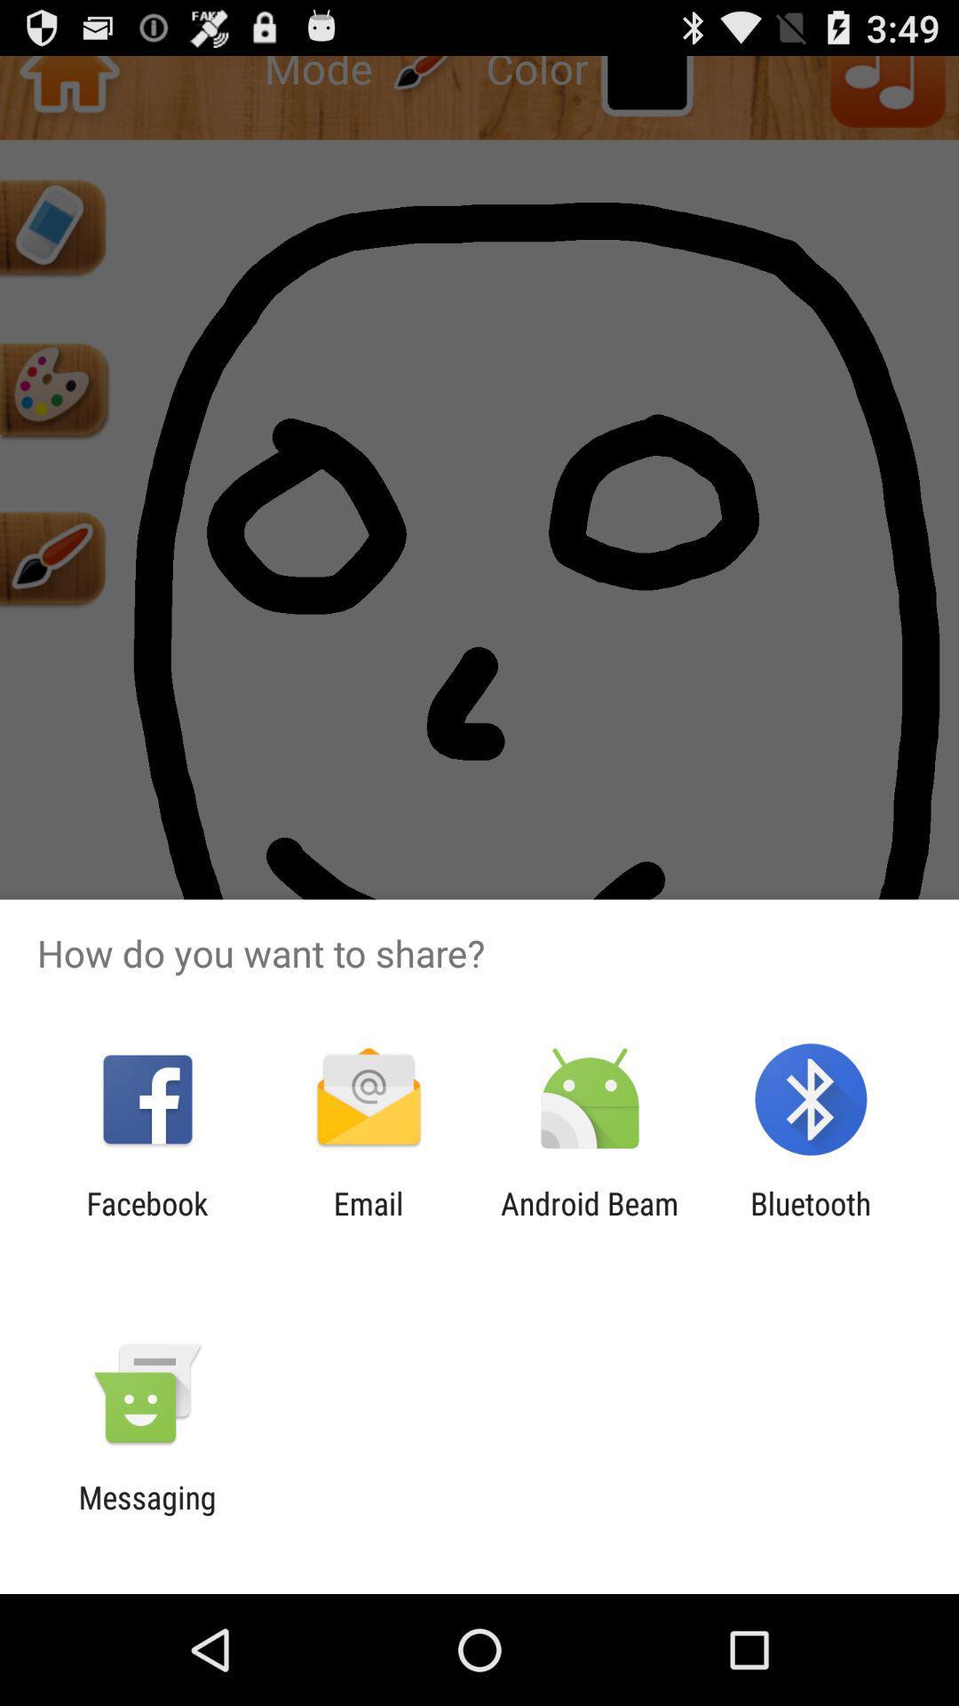  Describe the element at coordinates (368, 1221) in the screenshot. I see `icon next to the android beam` at that location.